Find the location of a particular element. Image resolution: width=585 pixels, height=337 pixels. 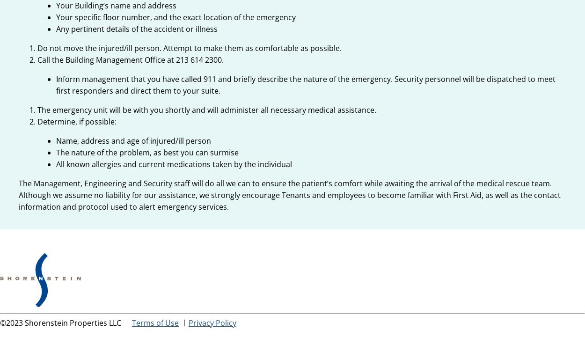

'Terms of Use' is located at coordinates (155, 322).